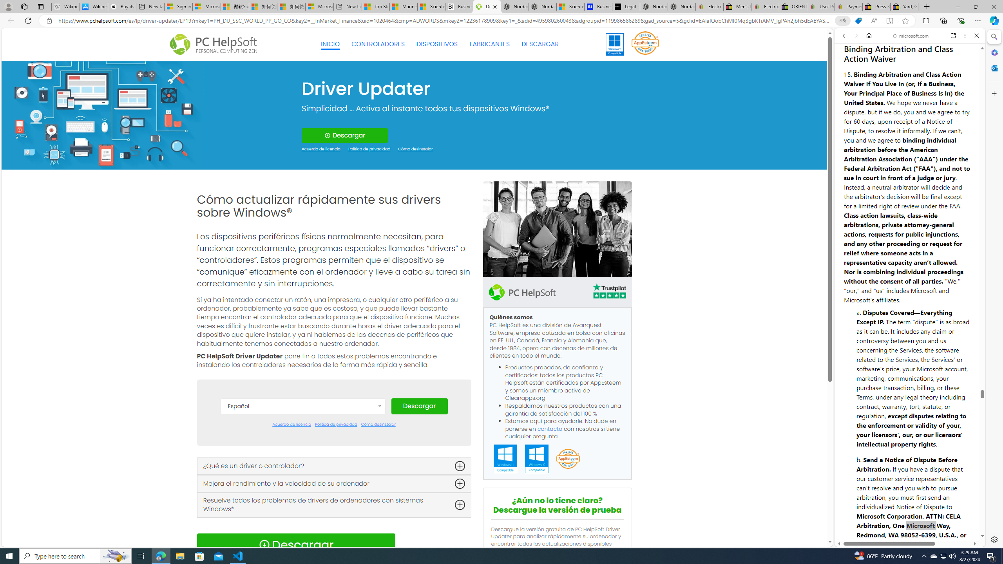 The image size is (1003, 564). Describe the element at coordinates (330, 44) in the screenshot. I see `'INICIO'` at that location.